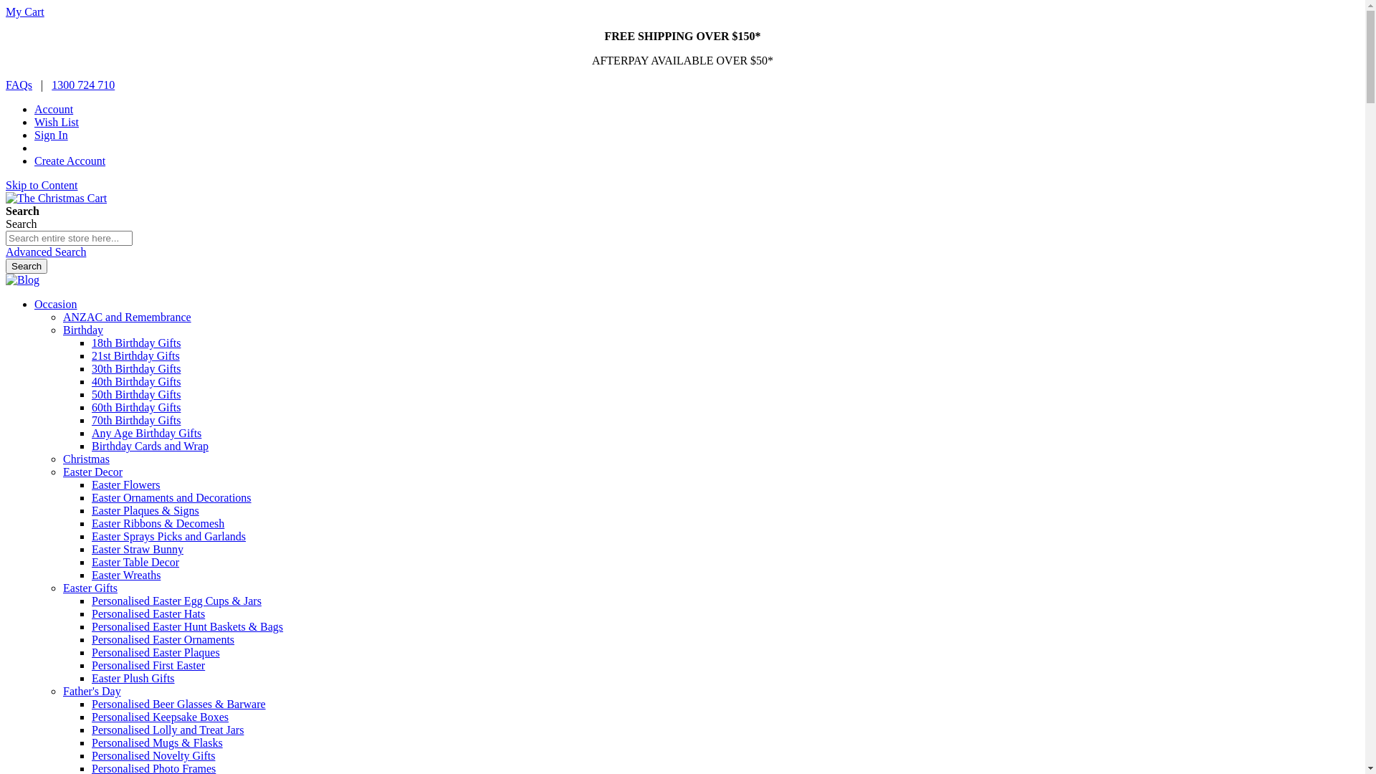 The width and height of the screenshot is (1376, 774). What do you see at coordinates (6, 266) in the screenshot?
I see `'Search'` at bounding box center [6, 266].